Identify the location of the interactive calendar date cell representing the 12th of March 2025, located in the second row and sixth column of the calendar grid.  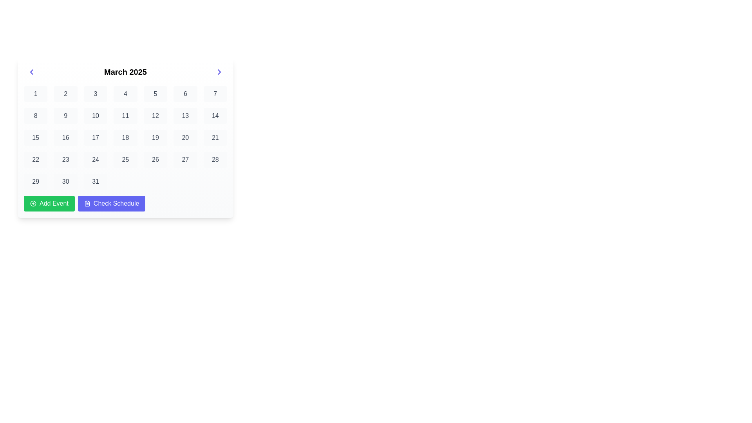
(155, 116).